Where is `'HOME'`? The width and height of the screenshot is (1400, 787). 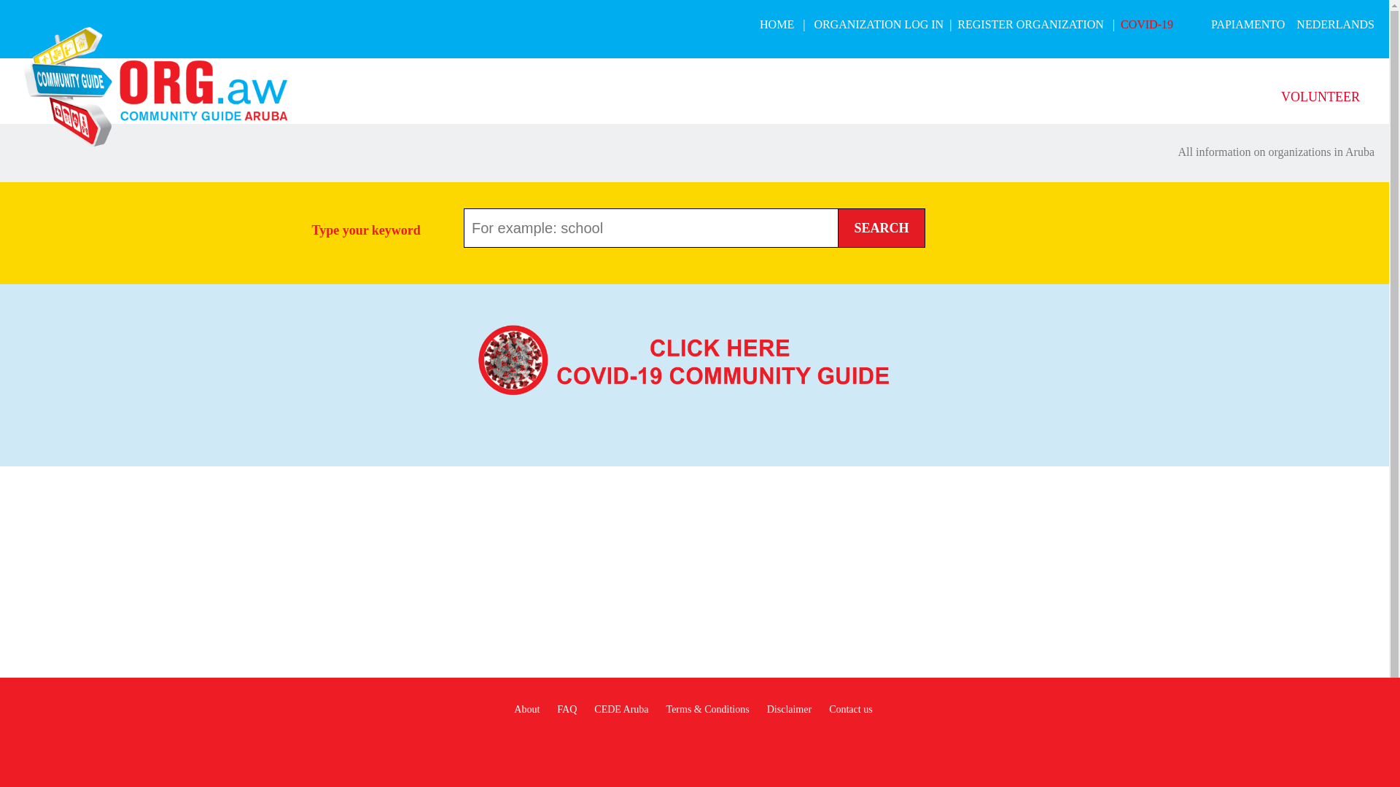 'HOME' is located at coordinates (758, 24).